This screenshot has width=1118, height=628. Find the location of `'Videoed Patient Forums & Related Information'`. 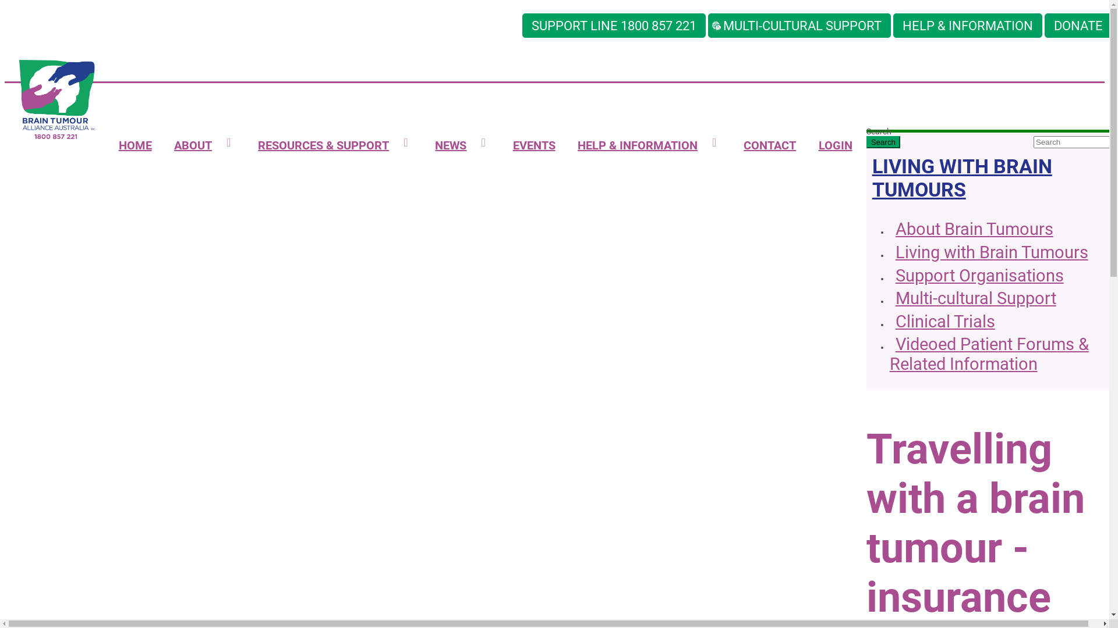

'Videoed Patient Forums & Related Information' is located at coordinates (989, 354).